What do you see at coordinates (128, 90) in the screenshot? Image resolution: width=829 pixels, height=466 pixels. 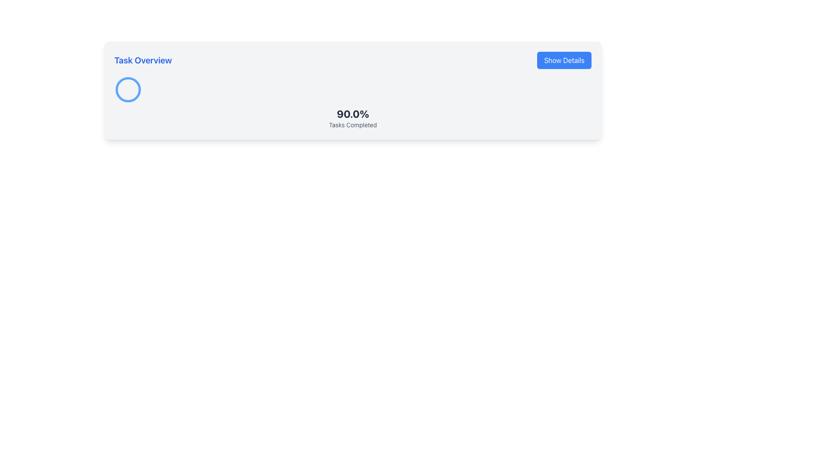 I see `the circular graphical component with a blue border and white fill located in the left section of the Task Overview panel` at bounding box center [128, 90].